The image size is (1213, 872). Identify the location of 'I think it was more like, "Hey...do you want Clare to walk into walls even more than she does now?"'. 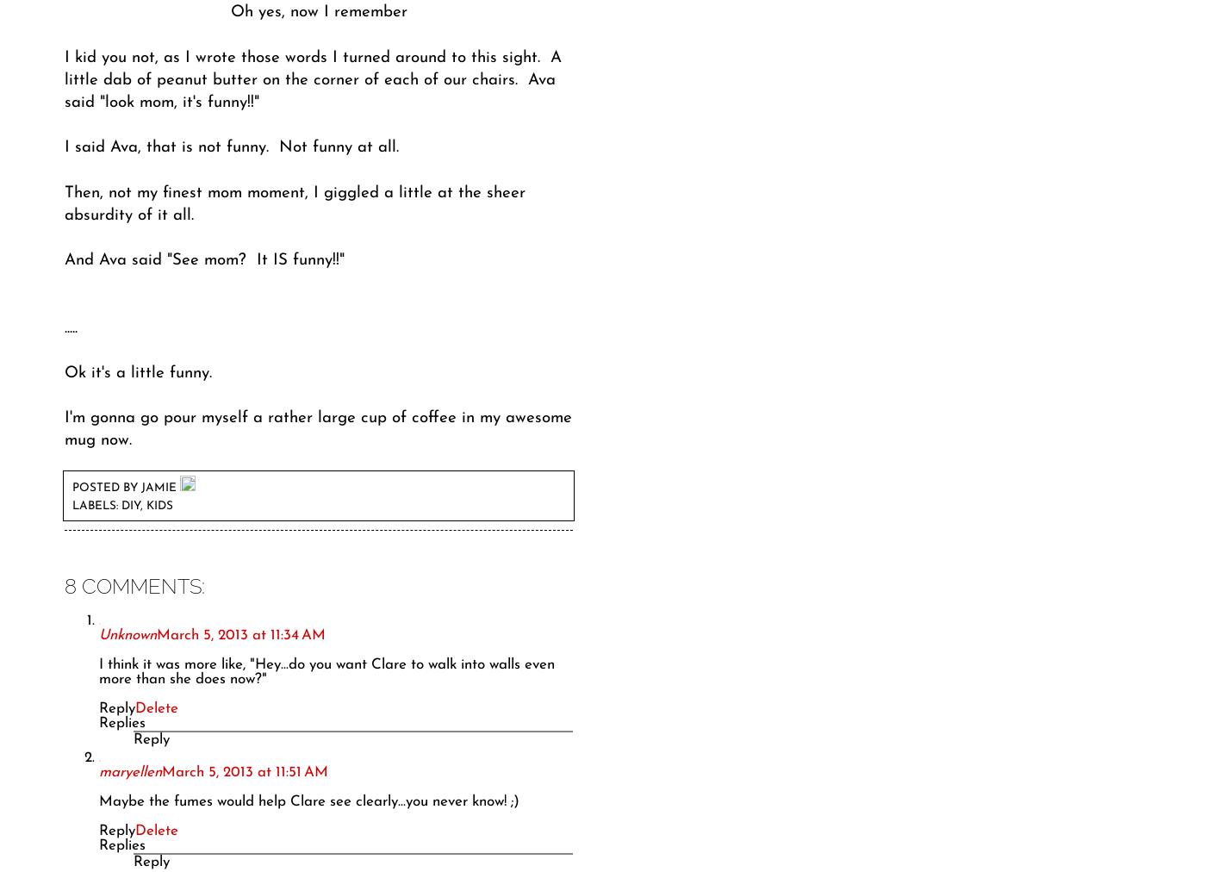
(326, 671).